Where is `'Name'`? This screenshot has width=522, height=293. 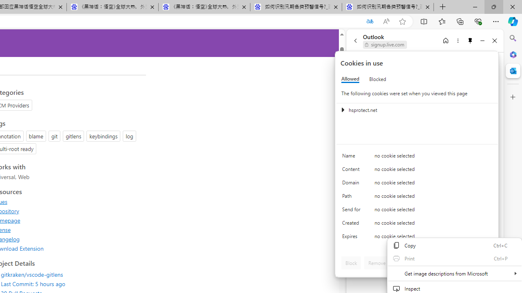
'Name' is located at coordinates (353, 157).